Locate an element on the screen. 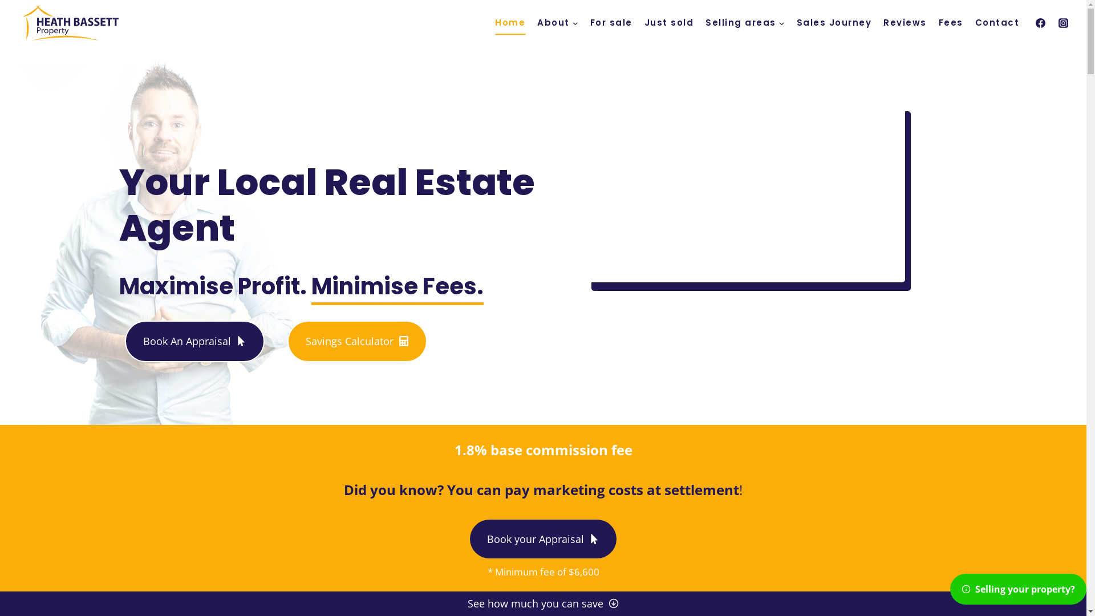 This screenshot has height=616, width=1095. 'Reviews' is located at coordinates (905, 22).